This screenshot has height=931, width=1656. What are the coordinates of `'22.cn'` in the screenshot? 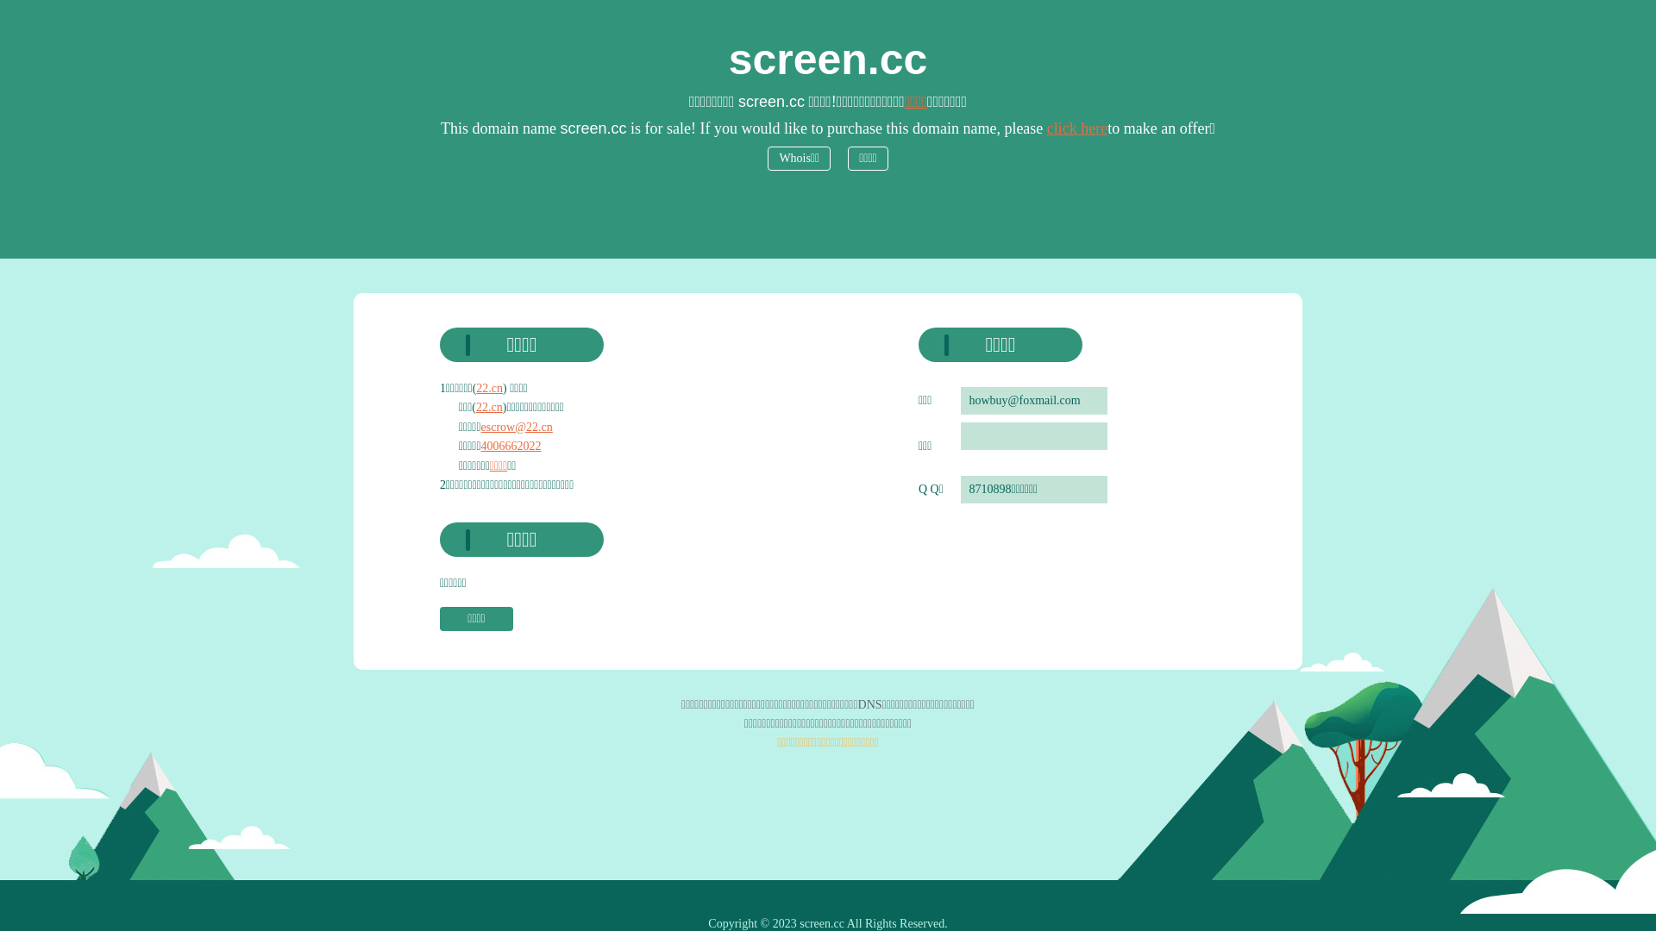 It's located at (488, 388).